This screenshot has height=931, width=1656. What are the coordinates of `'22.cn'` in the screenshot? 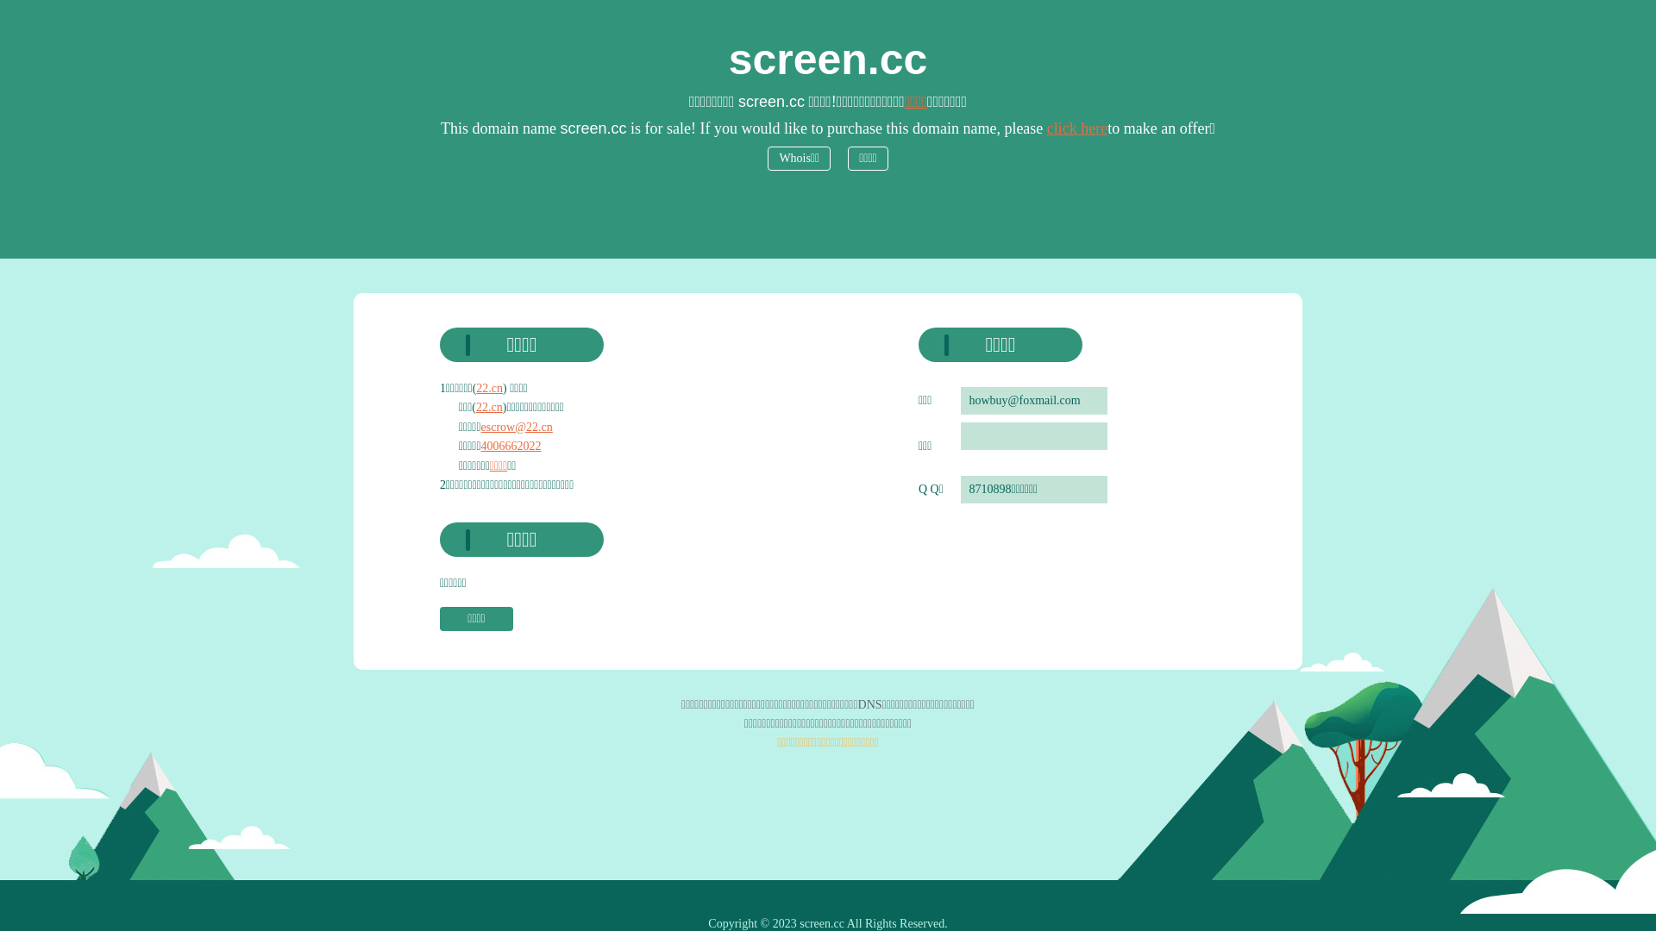 It's located at (488, 388).